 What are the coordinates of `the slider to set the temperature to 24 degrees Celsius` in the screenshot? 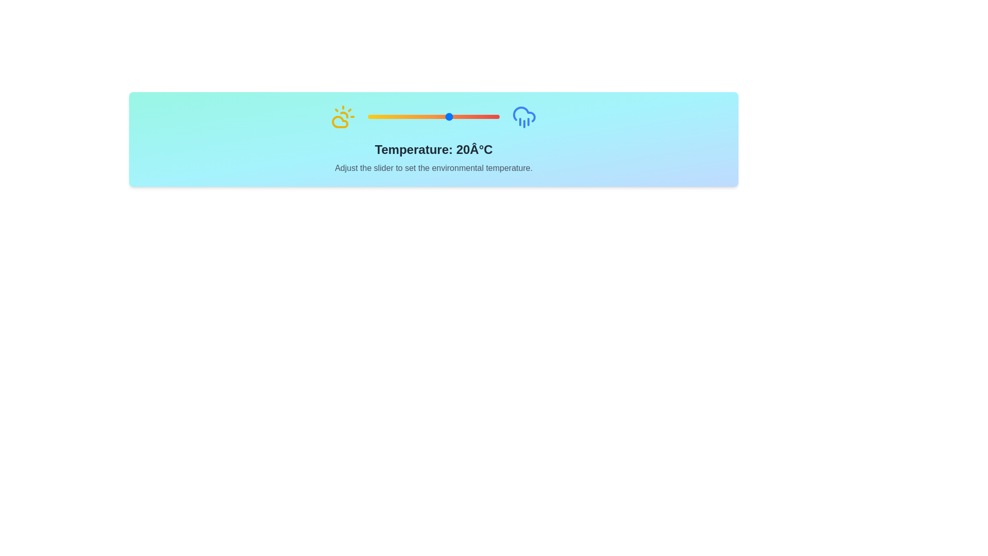 It's located at (456, 116).